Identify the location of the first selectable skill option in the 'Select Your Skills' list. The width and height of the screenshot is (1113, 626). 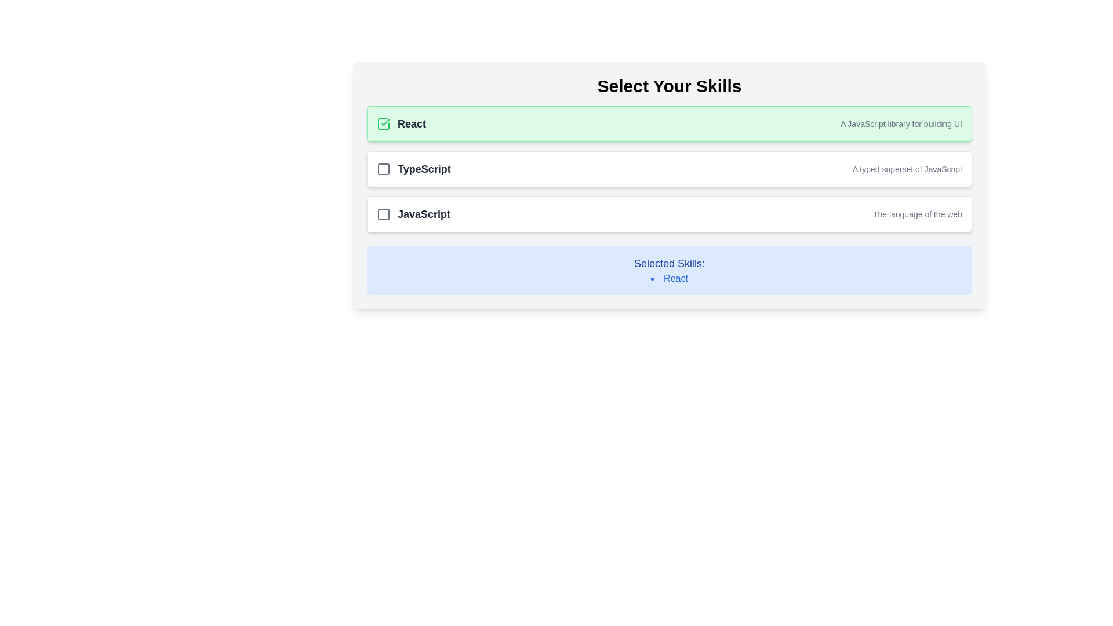
(670, 123).